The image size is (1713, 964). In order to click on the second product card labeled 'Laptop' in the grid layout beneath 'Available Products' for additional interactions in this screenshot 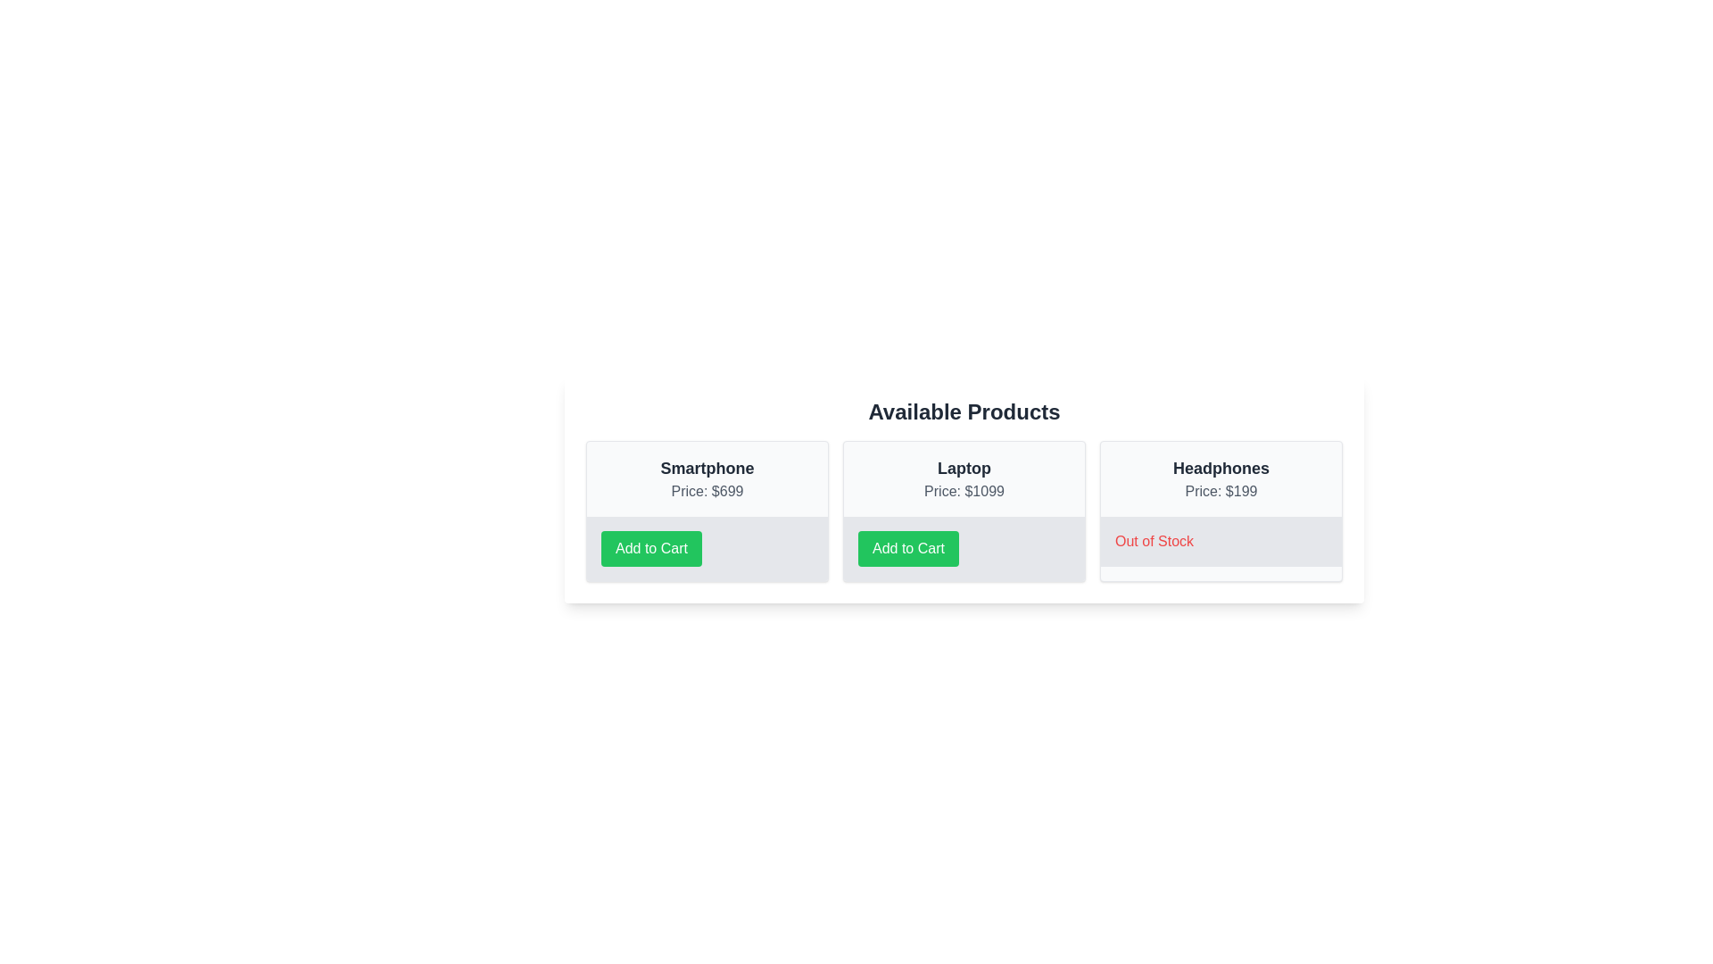, I will do `click(963, 511)`.